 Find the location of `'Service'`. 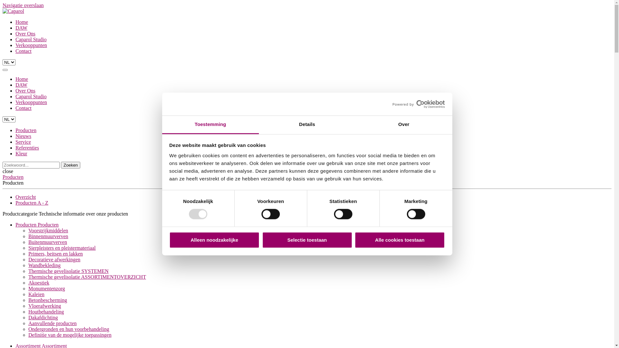

'Service' is located at coordinates (23, 141).